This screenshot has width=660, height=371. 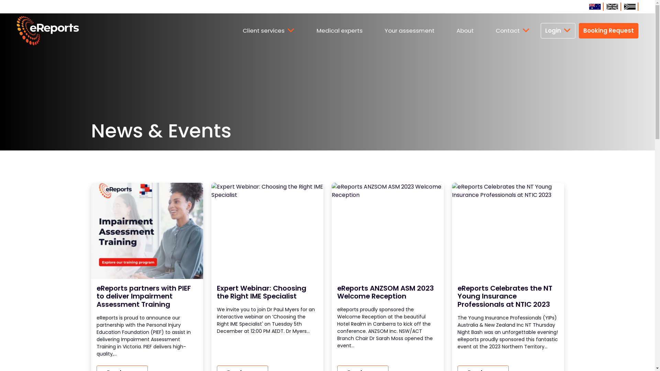 What do you see at coordinates (445, 30) in the screenshot?
I see `'About'` at bounding box center [445, 30].